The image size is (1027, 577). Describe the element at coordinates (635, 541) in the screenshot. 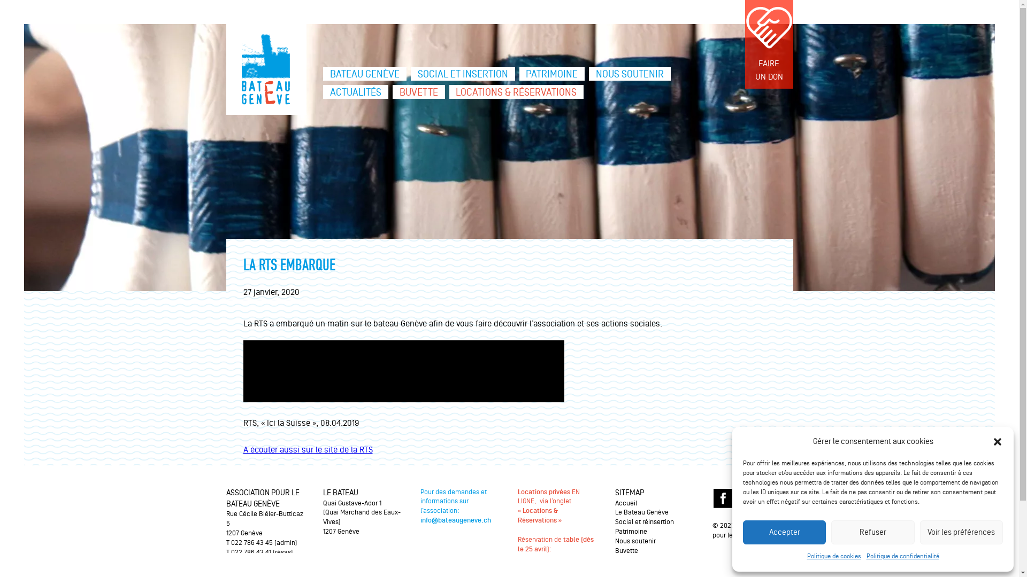

I see `'Nous soutenir'` at that location.